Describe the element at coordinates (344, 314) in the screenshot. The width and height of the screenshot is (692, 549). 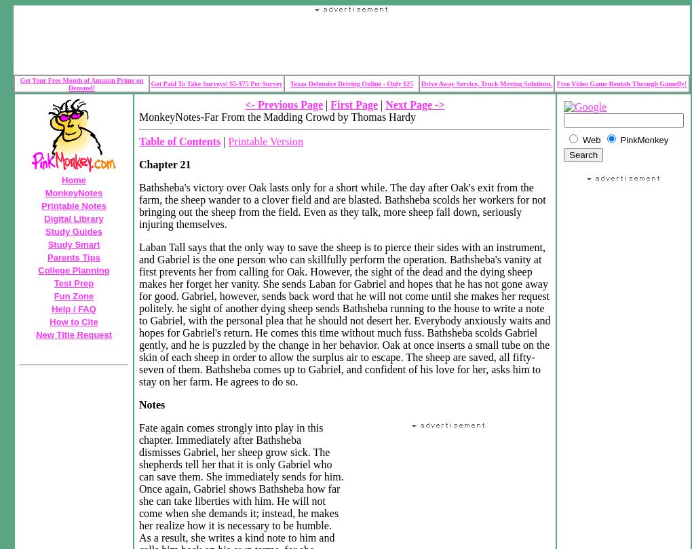
I see `'Laban Tall says that the only way to save the sheep is to pierce 
their sides with an instrument, and Gabriel is the one person who 
can skillfully perform the operation. Bathsheba's vanity at first 
prevents her from calling for Oak. However, the sight of the dead 
and the dying sheep makes her forget her vanity. She sends Laban 
for Gabriel and hopes that he has not gone away for good. Gabriel, 
however, sends back word that he will not come until she makes 
her request politely. he sight of another dying sheep sends 
Bathsheba running to the house to write a note to Gabriel, with the 
personal plea that he should not desert her. Everybody anxiously 
waits and hopes for Gabriel's return. He comes this time without 
much fuss. Bathsheba scolds Gabriel gently, and he is puzzled by 
the change in her behavior. Oak at once inserts a small tube on the 
skin of each sheep in order to allow the surplus air to escape. The 
sheep are saved, all fifty-seven of them. Bathsheba comes up to 
Gabriel, and confident of his love for her, asks him to stay on her 
farm. He agrees to do so.'` at that location.